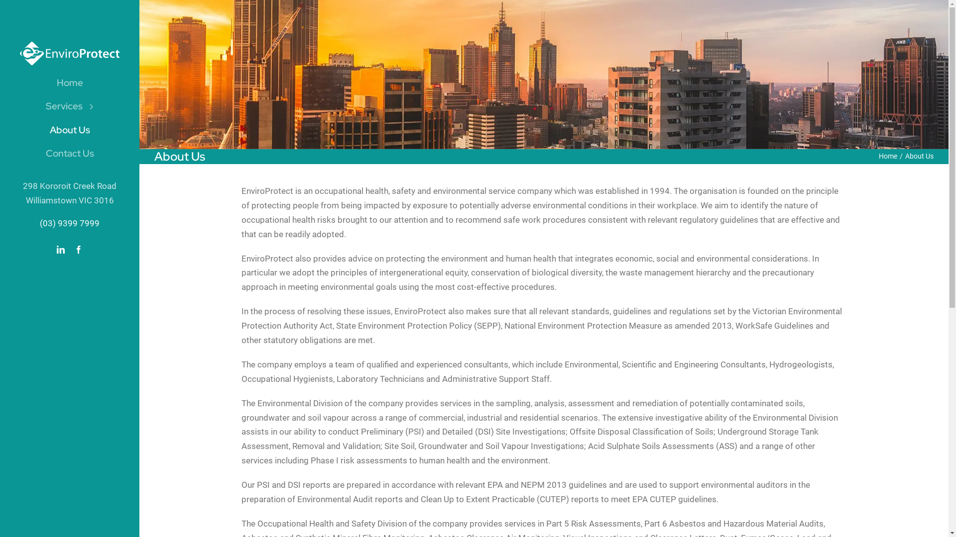 This screenshot has height=537, width=956. What do you see at coordinates (14, 153) in the screenshot?
I see `'Contact Us'` at bounding box center [14, 153].